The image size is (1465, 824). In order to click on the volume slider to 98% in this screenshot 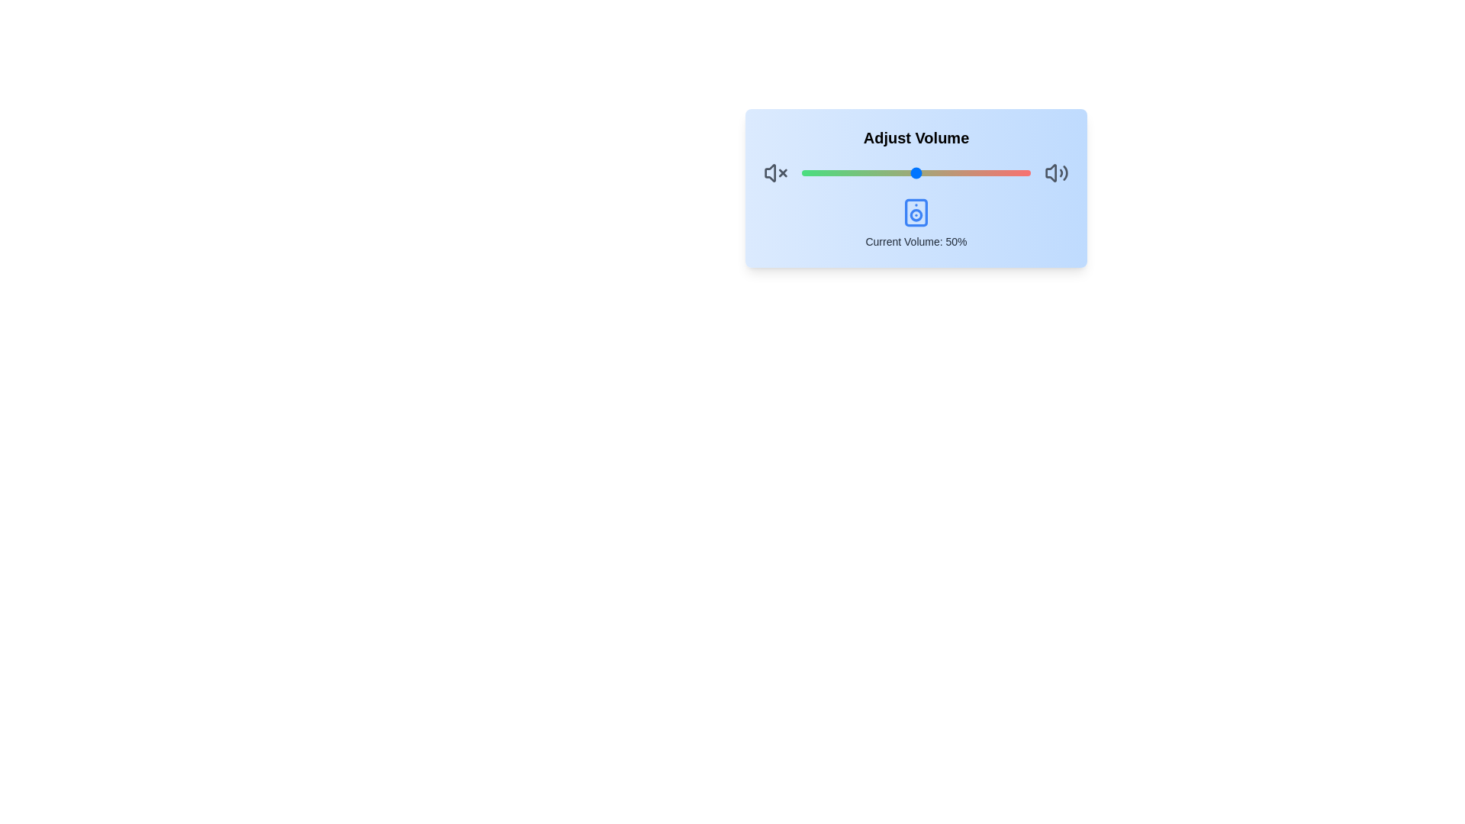, I will do `click(1025, 172)`.